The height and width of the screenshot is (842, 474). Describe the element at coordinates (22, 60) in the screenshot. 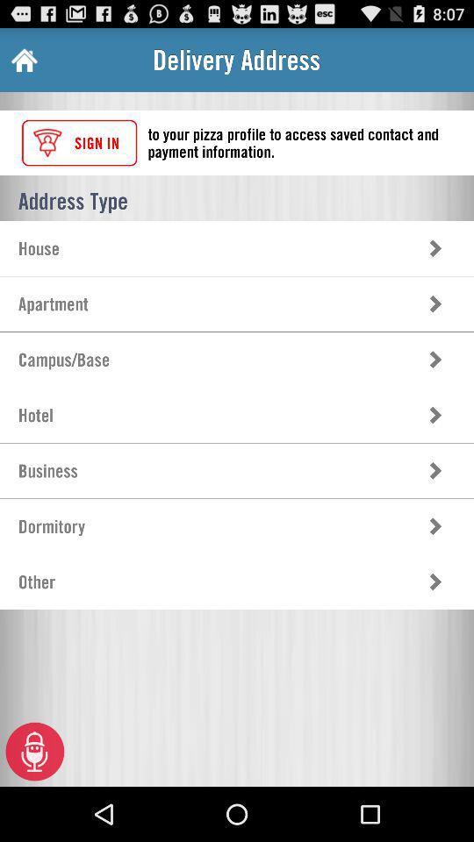

I see `the item next to the delivery address item` at that location.